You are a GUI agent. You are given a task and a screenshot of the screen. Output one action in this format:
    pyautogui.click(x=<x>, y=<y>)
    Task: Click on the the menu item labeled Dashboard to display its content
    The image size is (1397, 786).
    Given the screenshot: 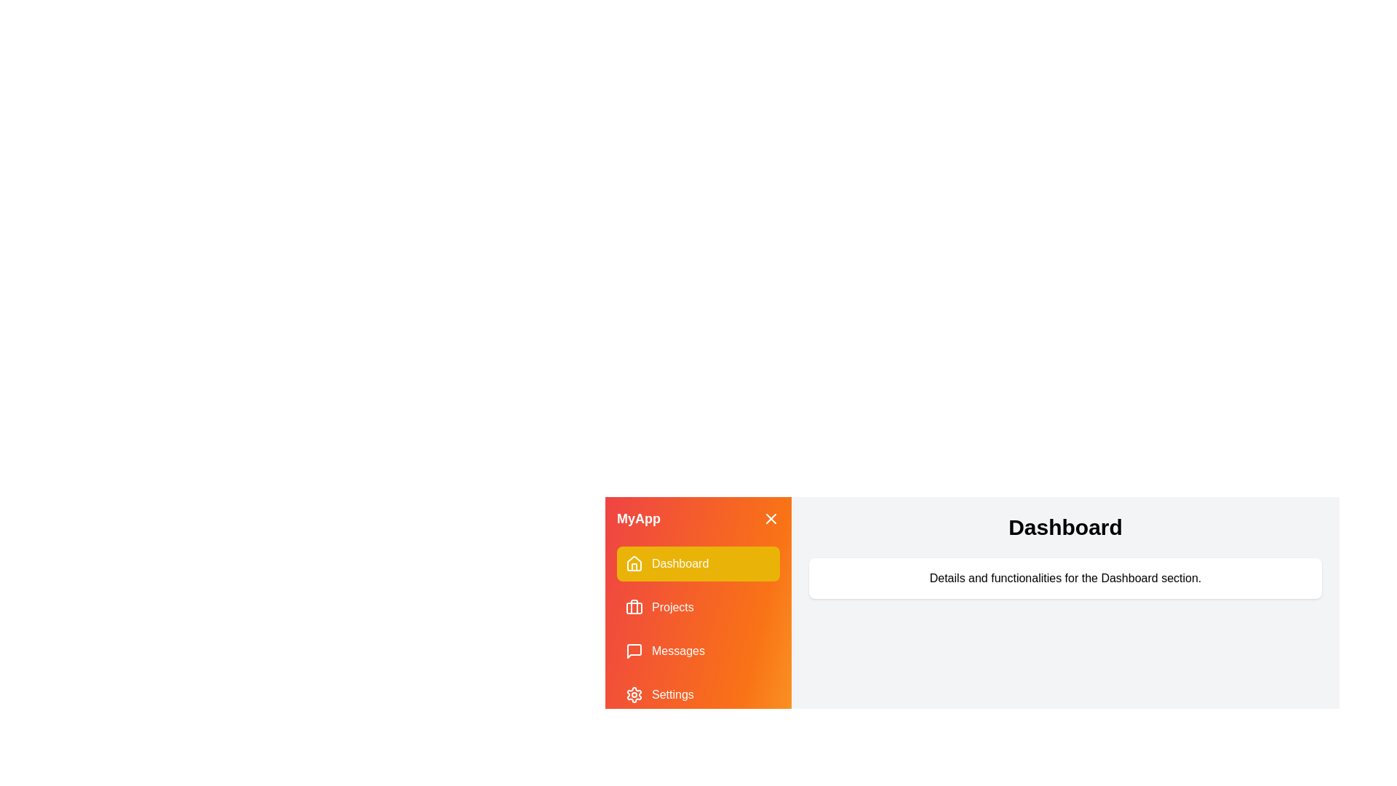 What is the action you would take?
    pyautogui.click(x=698, y=563)
    